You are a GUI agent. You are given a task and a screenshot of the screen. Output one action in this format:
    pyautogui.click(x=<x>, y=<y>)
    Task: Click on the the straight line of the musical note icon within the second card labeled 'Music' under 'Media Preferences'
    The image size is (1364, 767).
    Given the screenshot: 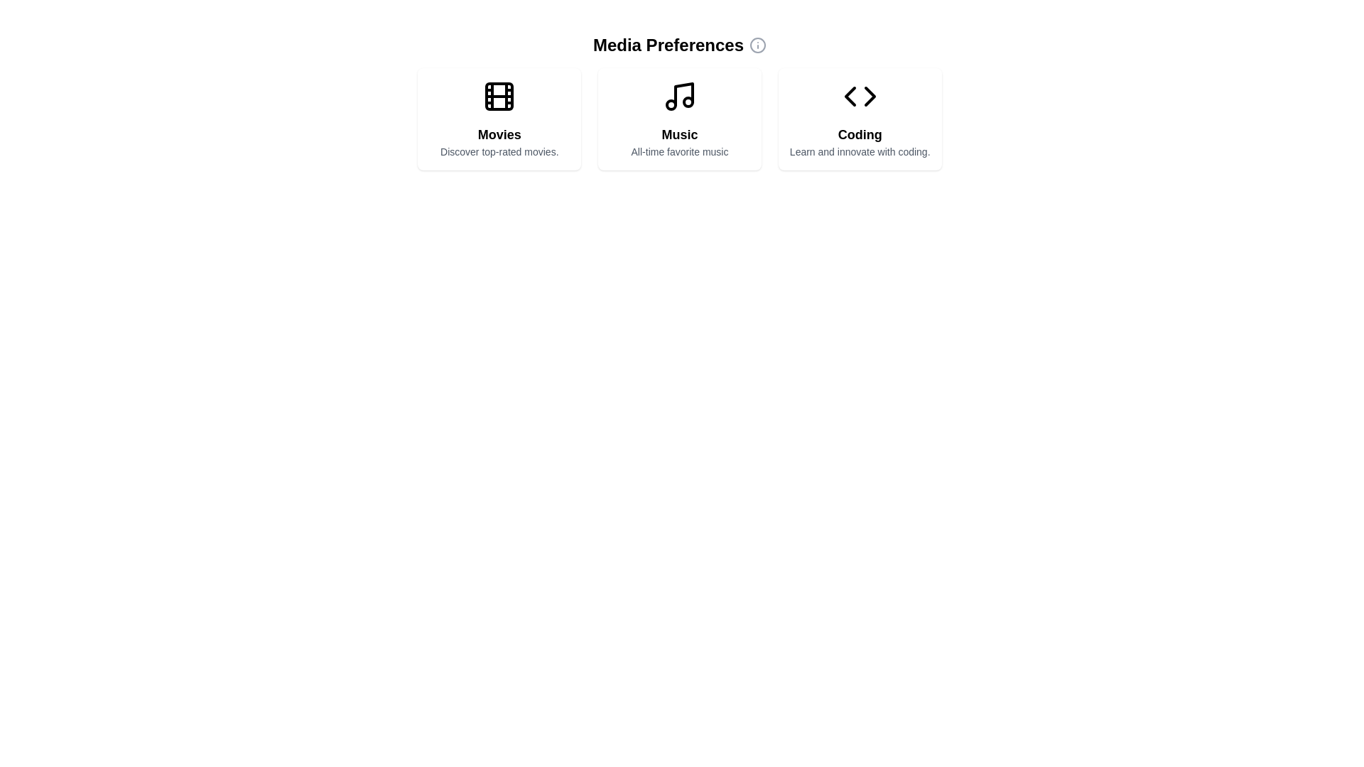 What is the action you would take?
    pyautogui.click(x=684, y=94)
    